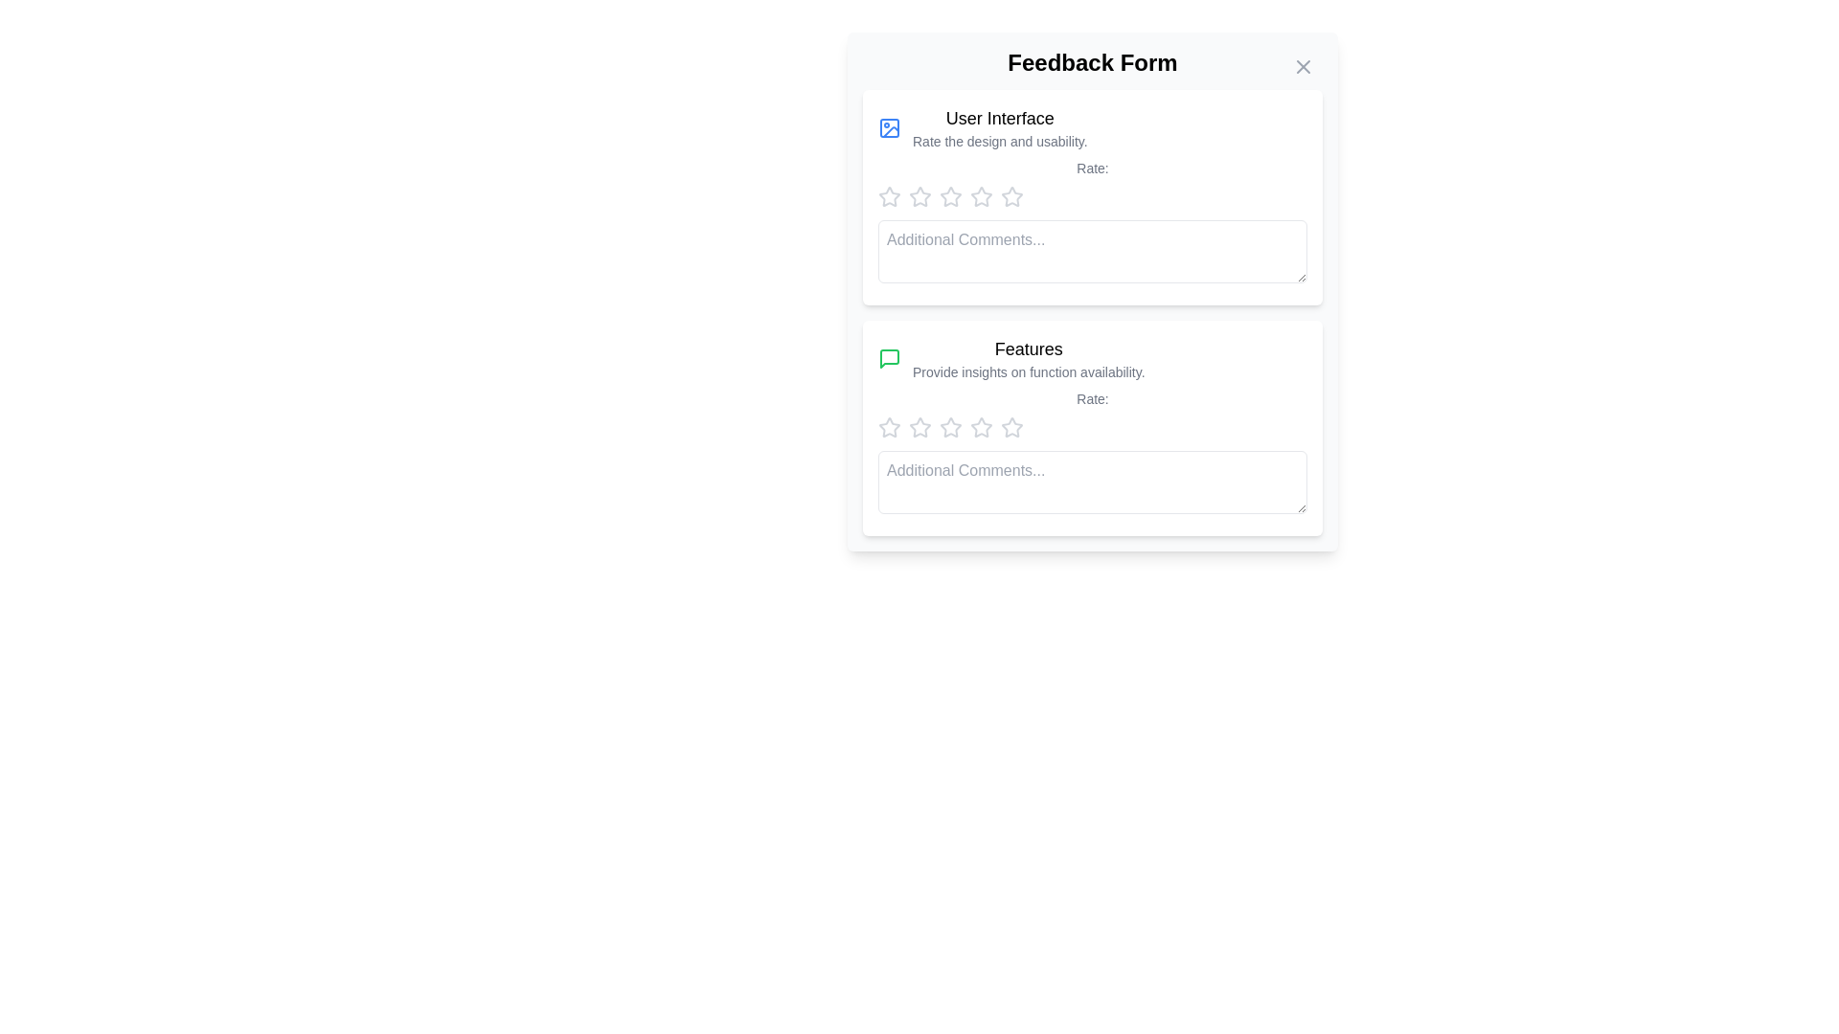 The image size is (1839, 1034). What do you see at coordinates (887, 195) in the screenshot?
I see `the first star icon in the 'Rate' section of the 'User Interface' feedback form to provide a rating` at bounding box center [887, 195].